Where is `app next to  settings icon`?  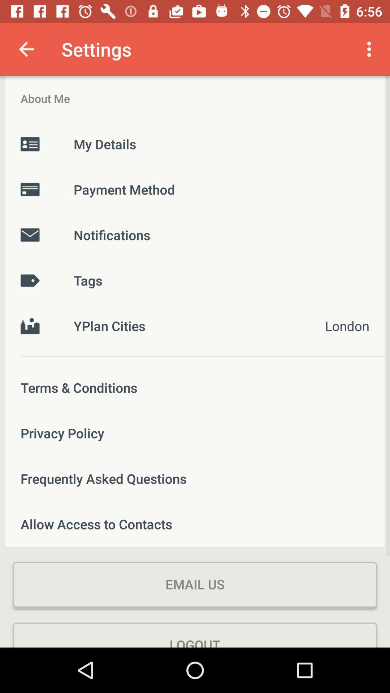 app next to  settings icon is located at coordinates (26, 49).